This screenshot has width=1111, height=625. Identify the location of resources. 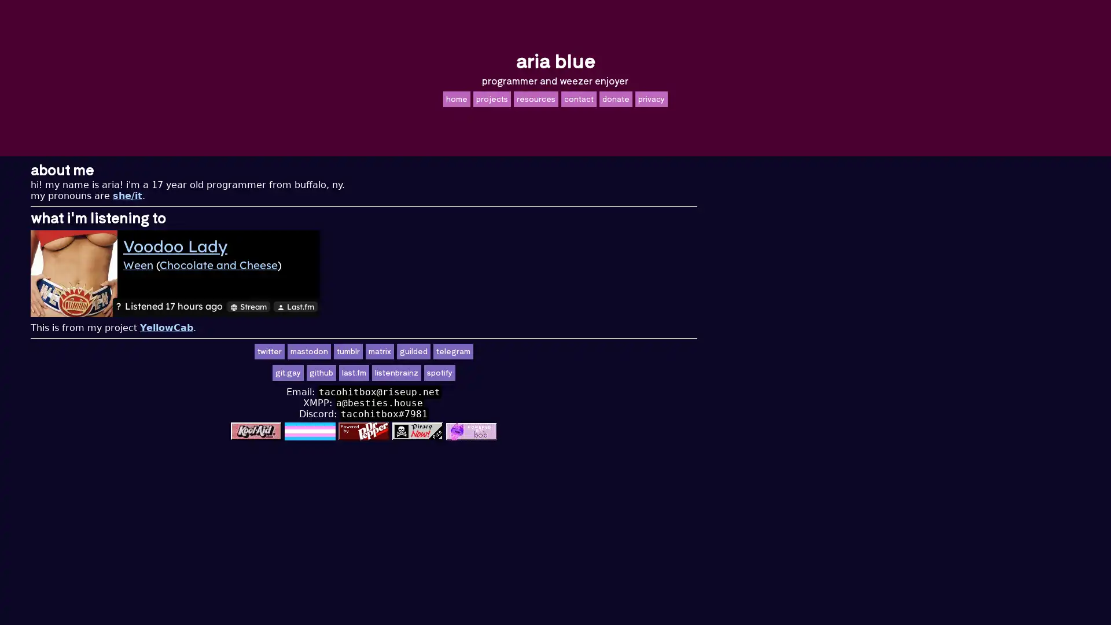
(535, 98).